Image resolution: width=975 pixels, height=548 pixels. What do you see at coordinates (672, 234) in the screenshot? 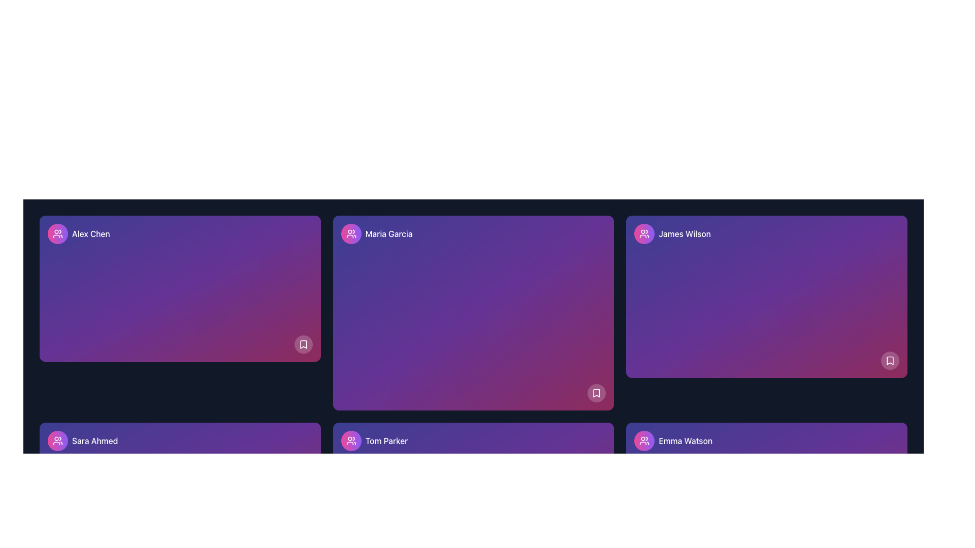
I see `the 'James Wilson' label with the circular gradient icon located at the top-left corner of the tile by moving the cursor to its center point` at bounding box center [672, 234].